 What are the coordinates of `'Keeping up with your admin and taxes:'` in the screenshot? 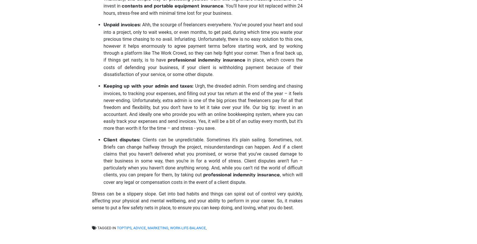 It's located at (149, 86).